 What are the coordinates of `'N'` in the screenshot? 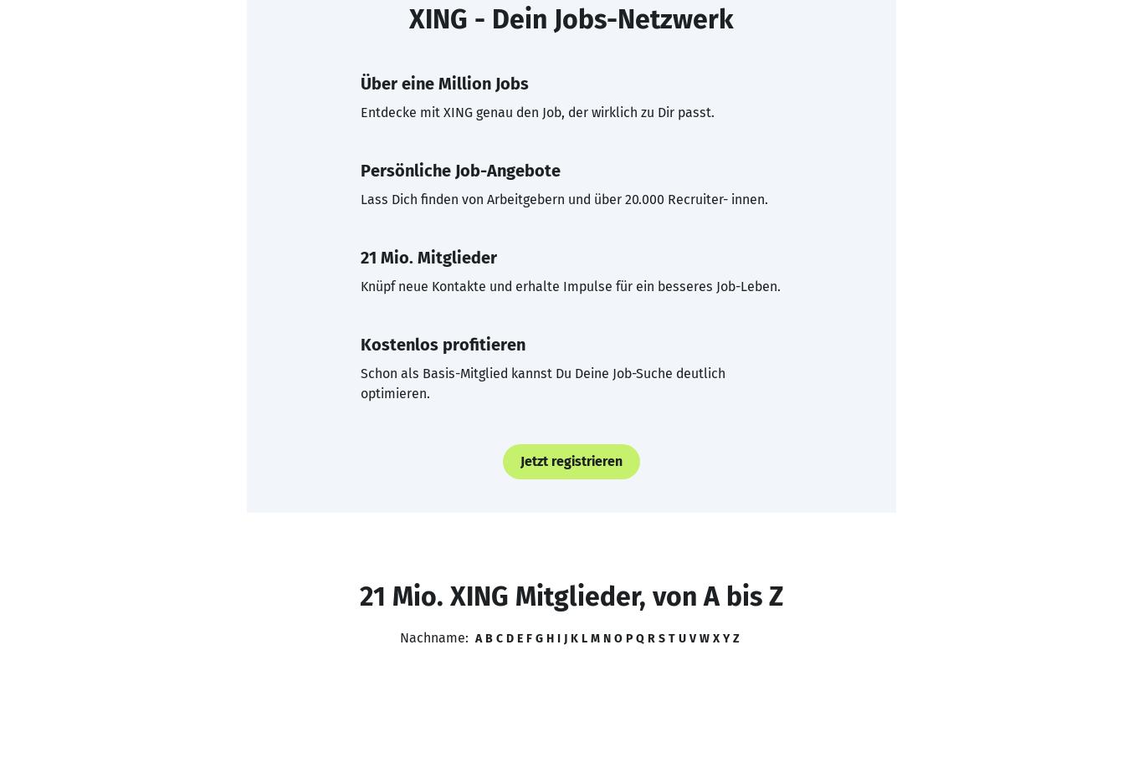 It's located at (606, 637).